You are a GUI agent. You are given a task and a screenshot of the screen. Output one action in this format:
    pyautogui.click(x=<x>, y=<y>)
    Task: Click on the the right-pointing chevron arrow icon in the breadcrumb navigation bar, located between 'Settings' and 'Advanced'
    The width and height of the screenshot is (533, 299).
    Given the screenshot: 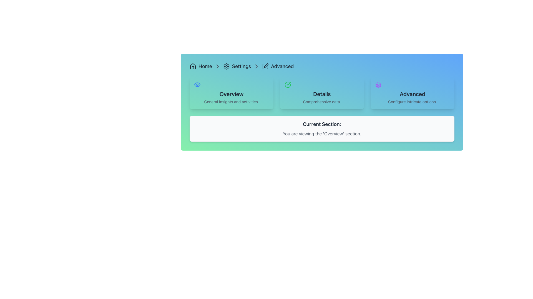 What is the action you would take?
    pyautogui.click(x=256, y=66)
    